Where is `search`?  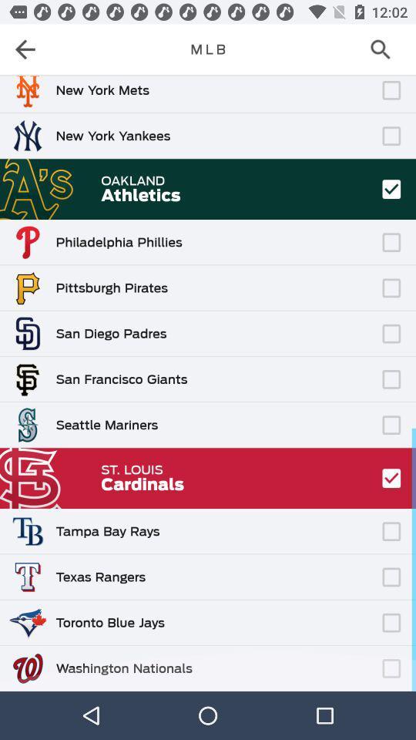 search is located at coordinates (384, 49).